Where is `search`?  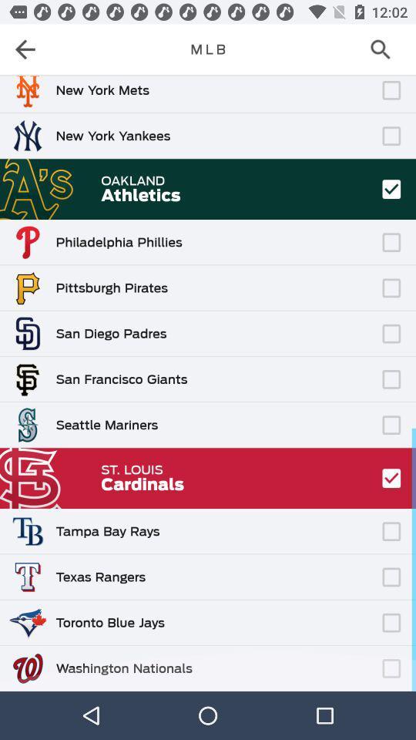 search is located at coordinates (384, 49).